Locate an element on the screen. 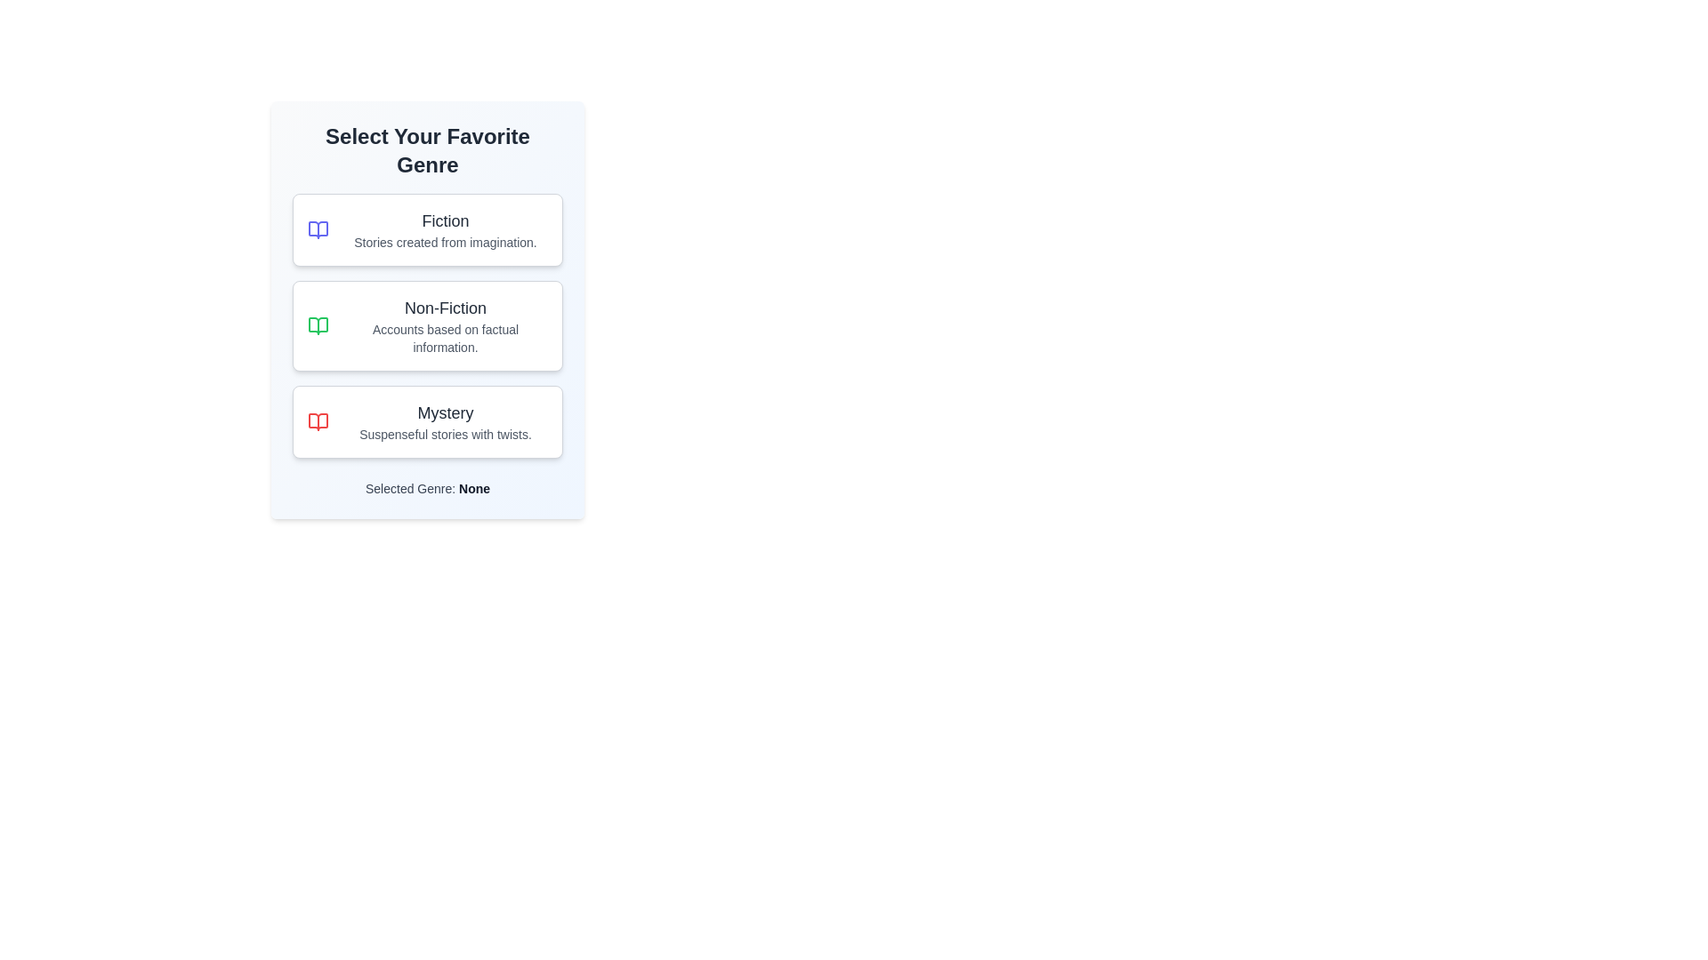 This screenshot has width=1708, height=960. the Text label that displays the current selected genre, indicating that no genre has been selected yet, positioned after 'Selected Genre:' is located at coordinates (474, 489).